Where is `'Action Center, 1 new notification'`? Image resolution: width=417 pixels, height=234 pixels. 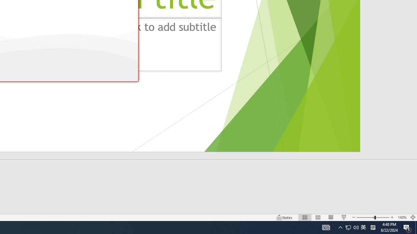 'Action Center, 1 new notification' is located at coordinates (407, 227).